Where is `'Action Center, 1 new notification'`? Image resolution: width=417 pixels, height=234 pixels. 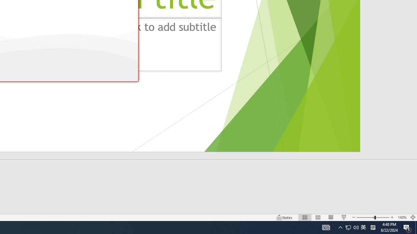 'Action Center, 1 new notification' is located at coordinates (407, 227).